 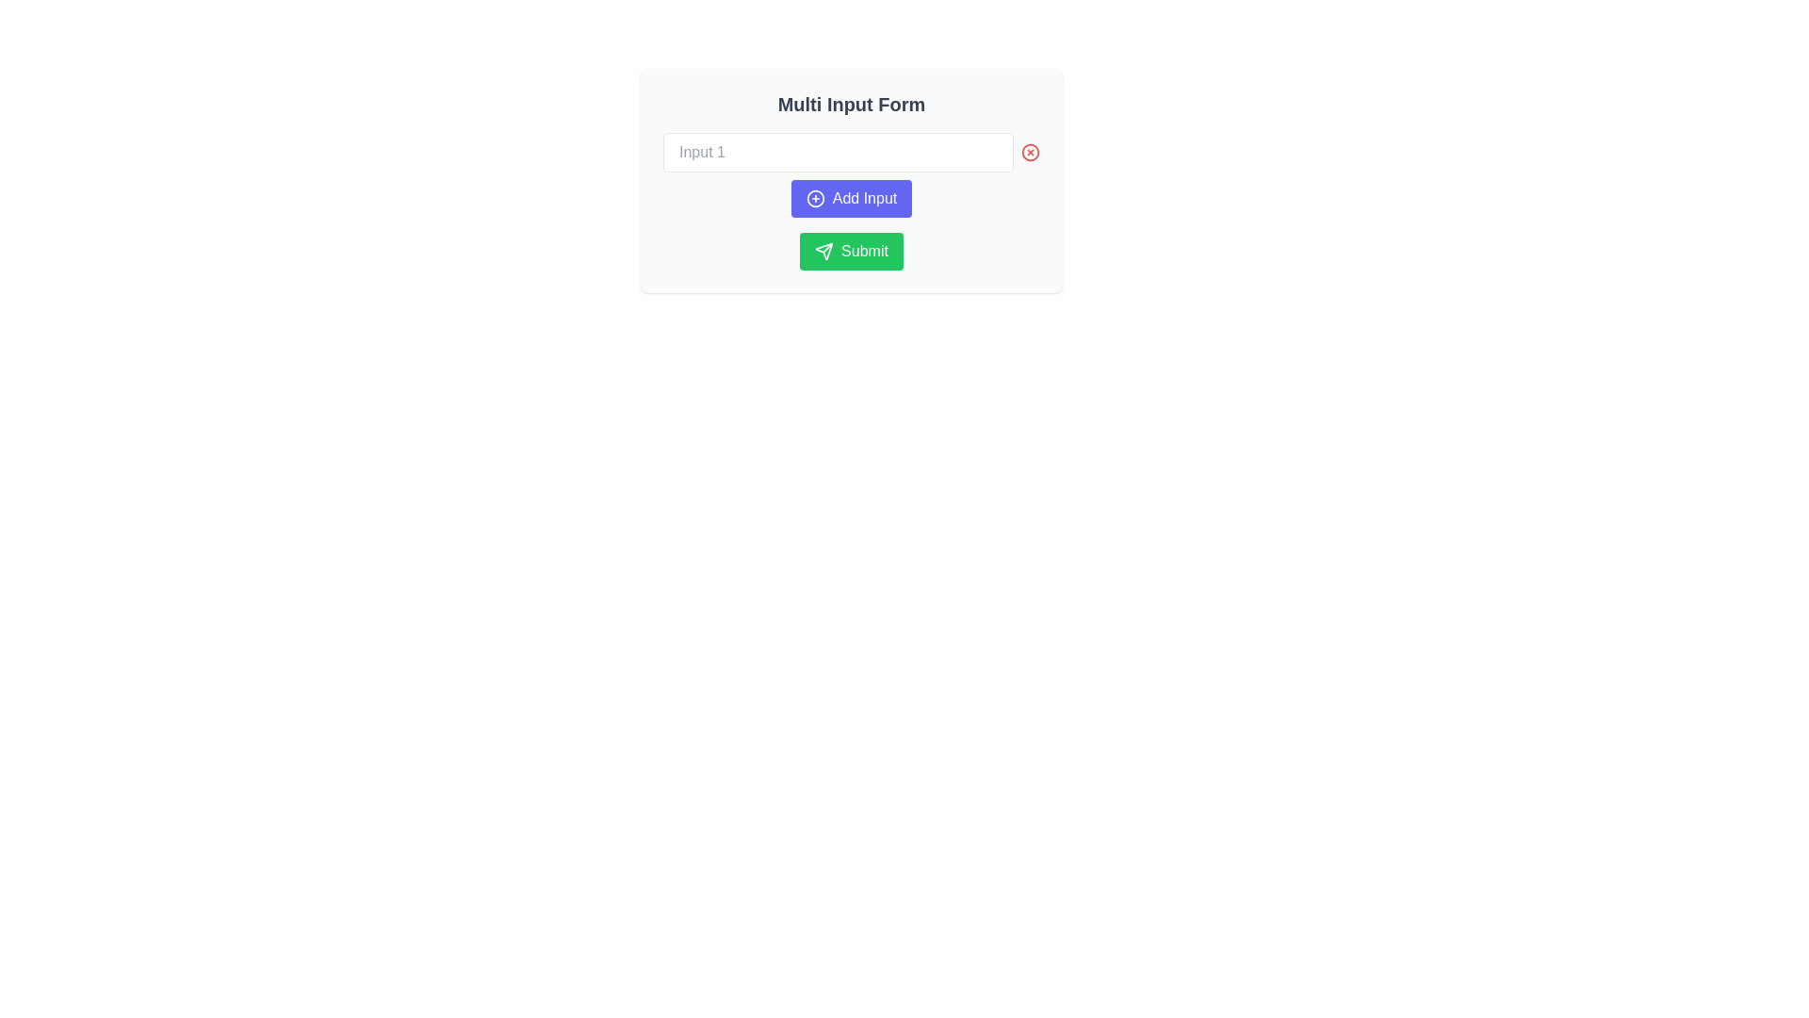 What do you see at coordinates (824, 250) in the screenshot?
I see `the 'Submit' button, which features a paper plane icon on the left side of the button label` at bounding box center [824, 250].